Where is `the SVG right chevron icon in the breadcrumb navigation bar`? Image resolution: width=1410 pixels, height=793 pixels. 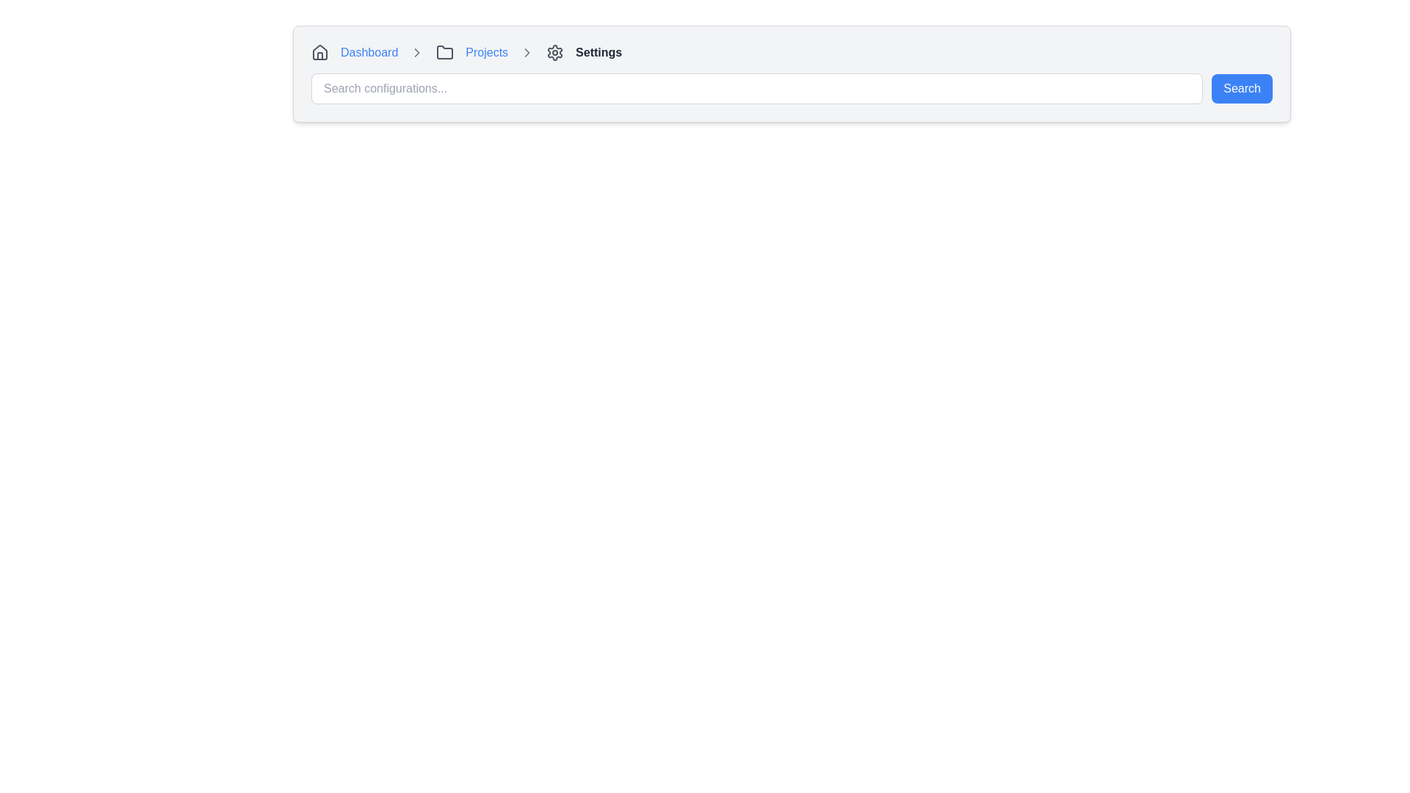 the SVG right chevron icon in the breadcrumb navigation bar is located at coordinates (416, 52).